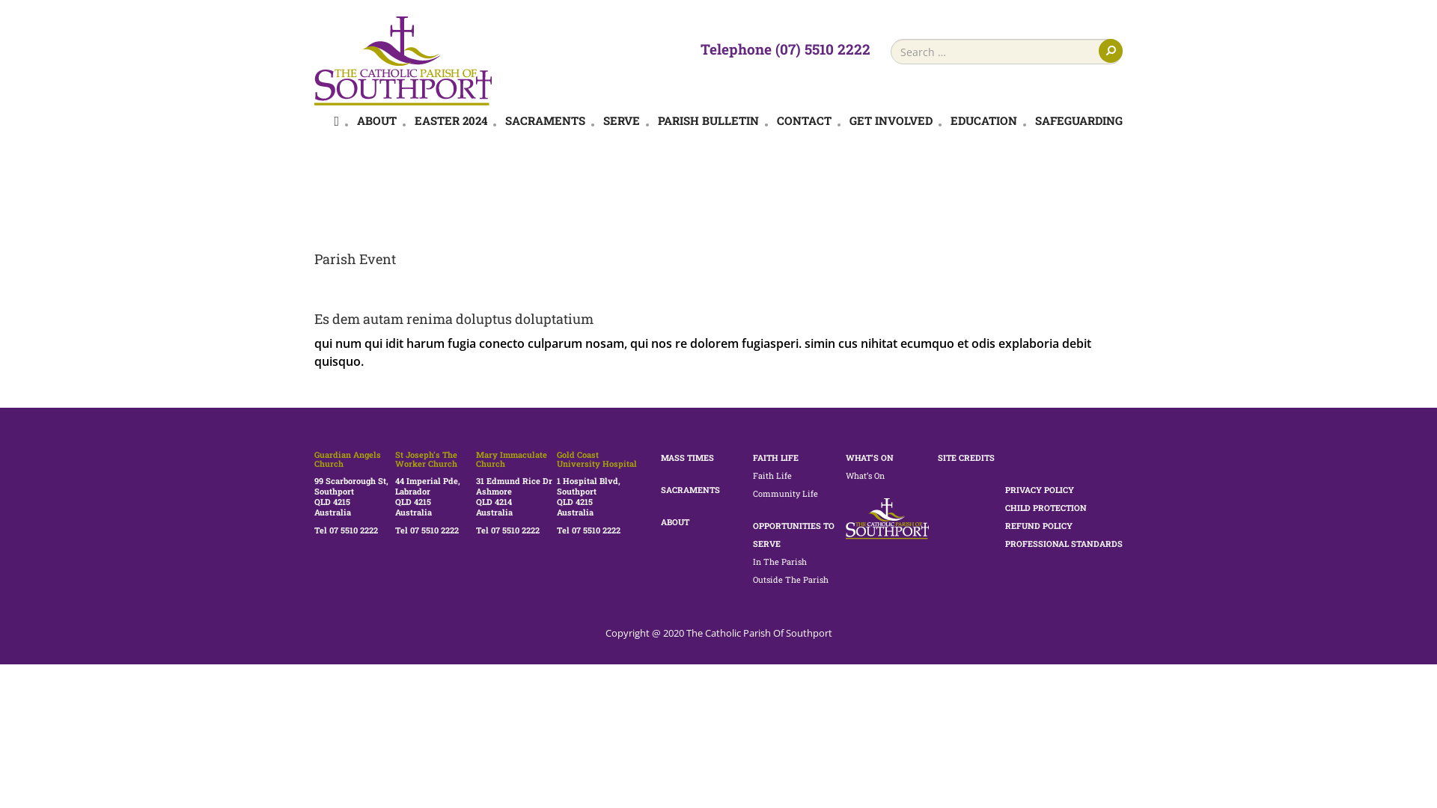  What do you see at coordinates (778, 561) in the screenshot?
I see `'In The Parish'` at bounding box center [778, 561].